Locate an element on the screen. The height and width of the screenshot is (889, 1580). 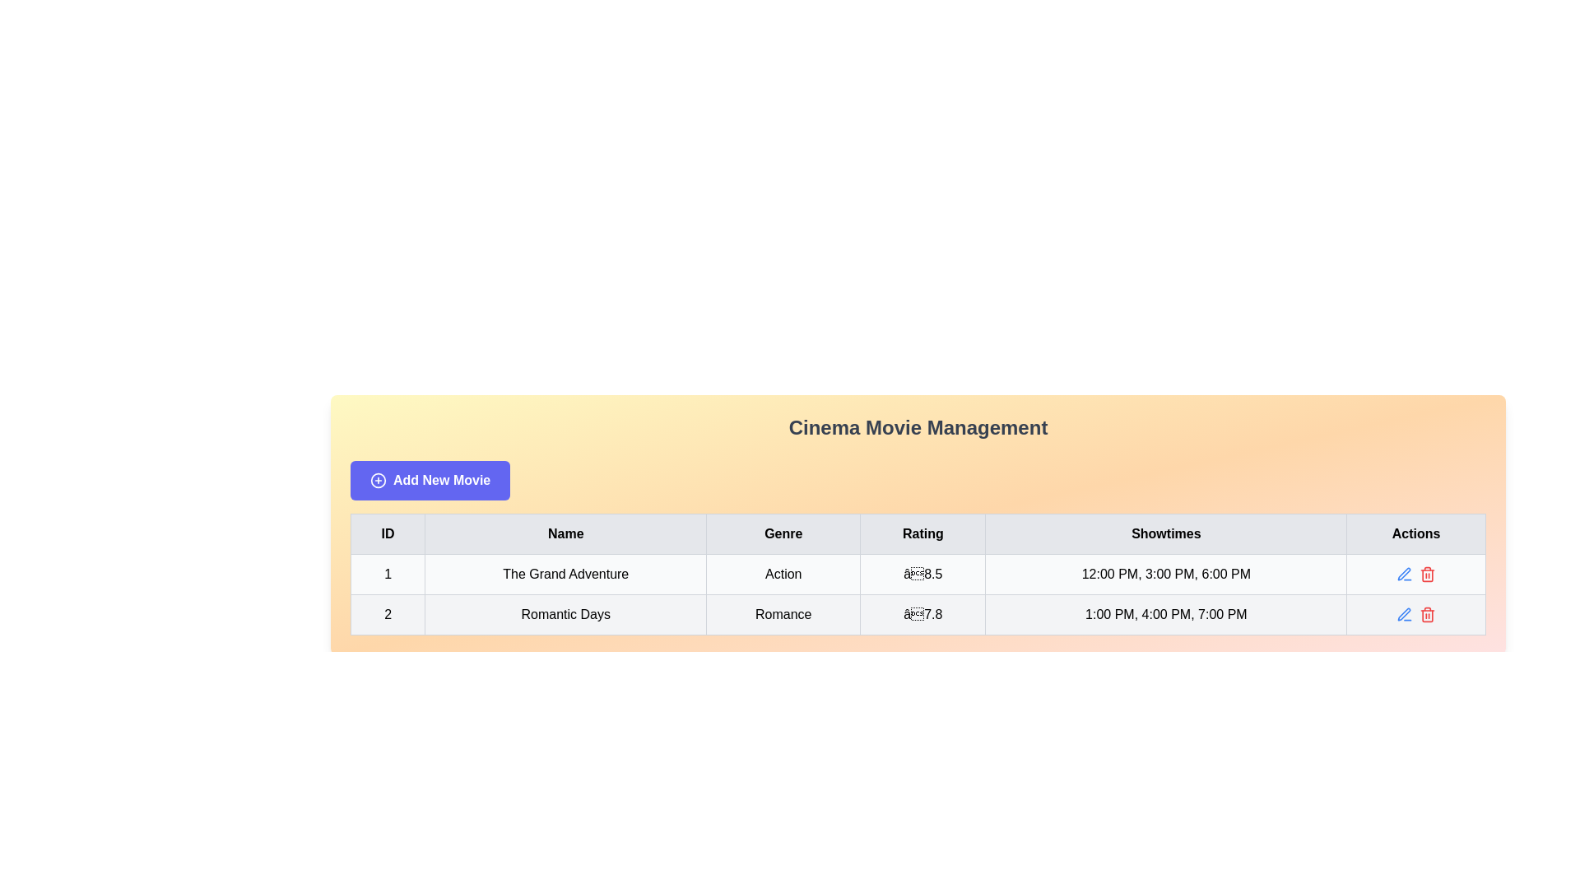
the bold, large-sized gray text 'Cinema Movie Management' which is centrally aligned and serves as a header above the 'Add New Movie' button is located at coordinates (918, 427).